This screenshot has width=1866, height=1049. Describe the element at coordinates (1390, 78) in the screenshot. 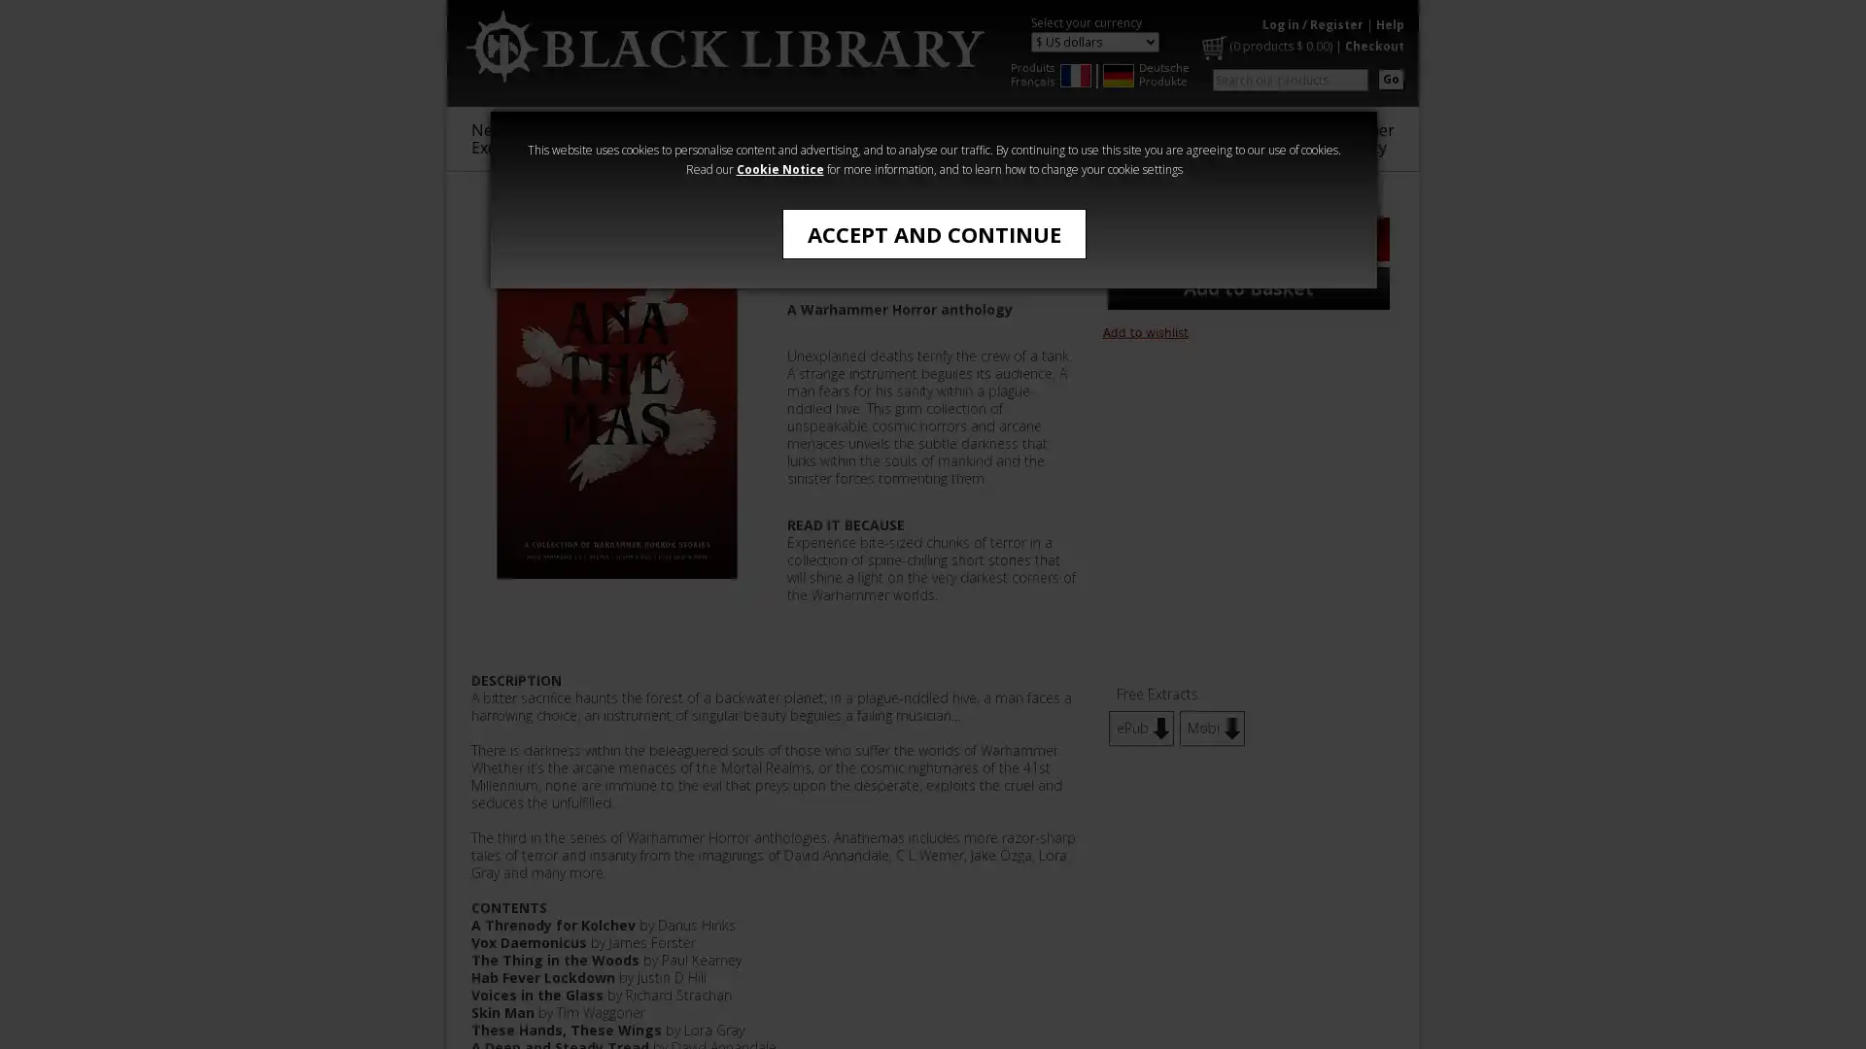

I see `Go` at that location.